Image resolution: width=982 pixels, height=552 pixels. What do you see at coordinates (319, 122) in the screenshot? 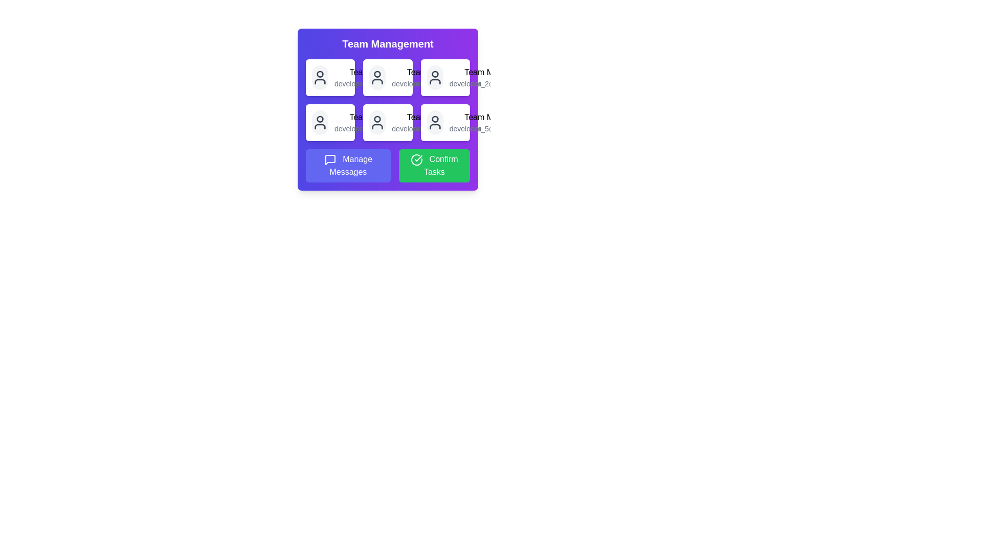
I see `the user profile avatar icon, which is a dark gray outline surrounded by a light gray circular background, located in the second row and first column of the grid layout` at bounding box center [319, 122].